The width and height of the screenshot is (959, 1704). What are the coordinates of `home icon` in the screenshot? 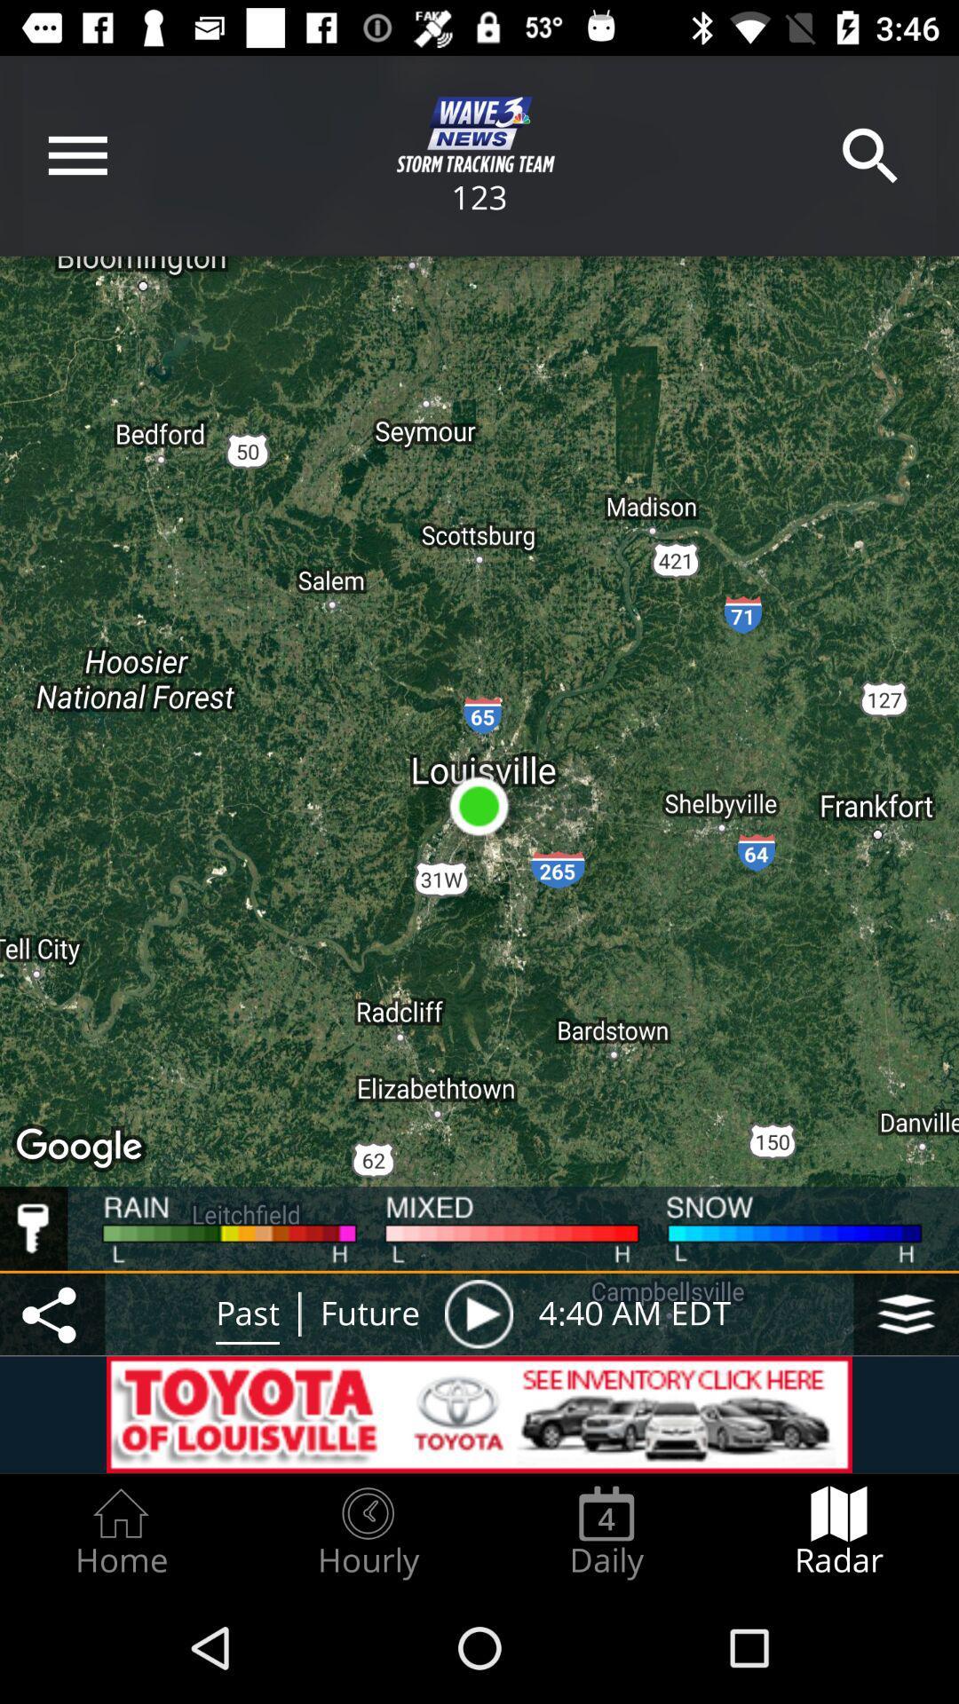 It's located at (120, 1532).